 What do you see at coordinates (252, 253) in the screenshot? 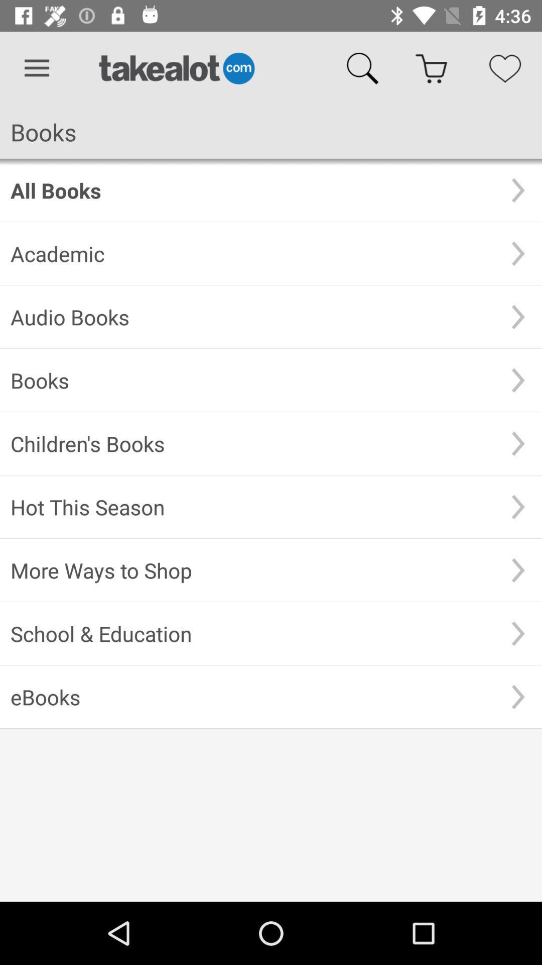
I see `the item below the all books` at bounding box center [252, 253].